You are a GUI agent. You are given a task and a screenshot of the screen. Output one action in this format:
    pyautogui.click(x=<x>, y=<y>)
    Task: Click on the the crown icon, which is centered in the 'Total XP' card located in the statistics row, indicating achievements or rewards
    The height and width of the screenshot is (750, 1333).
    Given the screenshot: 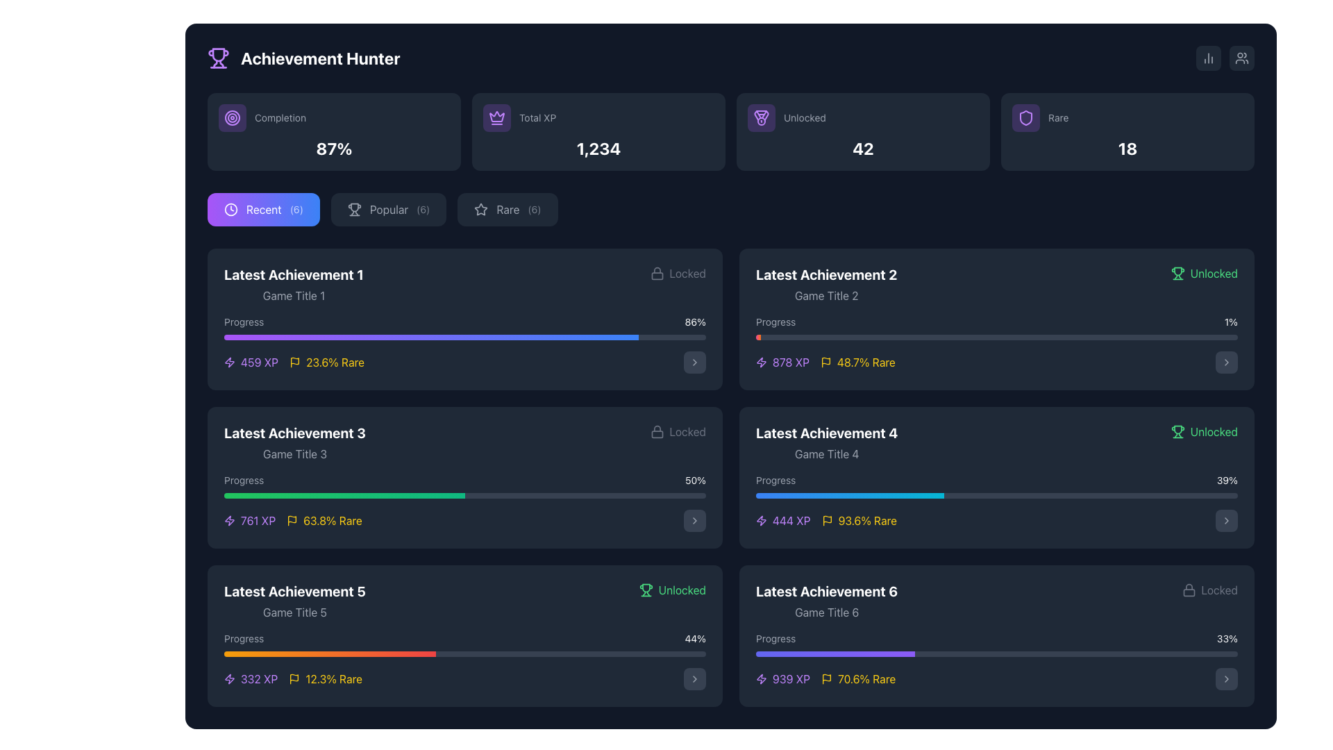 What is the action you would take?
    pyautogui.click(x=496, y=117)
    